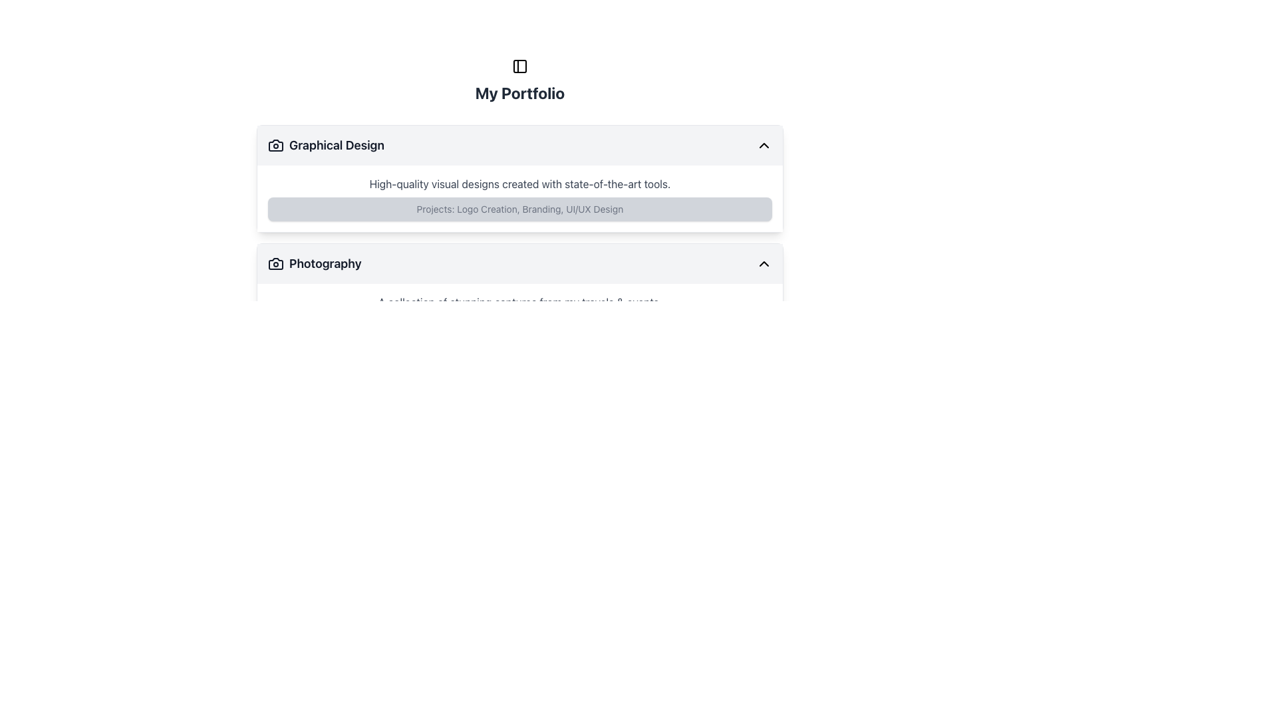  Describe the element at coordinates (519, 92) in the screenshot. I see `the 'My Portfolio' header text label, which is bold and dark gray, positioned prominently at the top of the section` at that location.